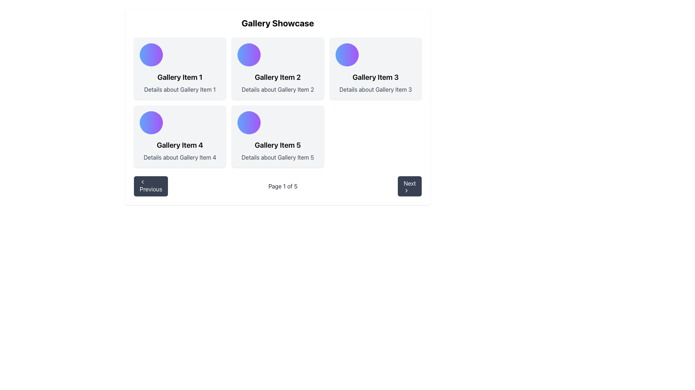  I want to click on the decorative graphical element located at the top-left corner of the 'Gallery Item 1' card in the 'Gallery Showcase', so click(151, 54).